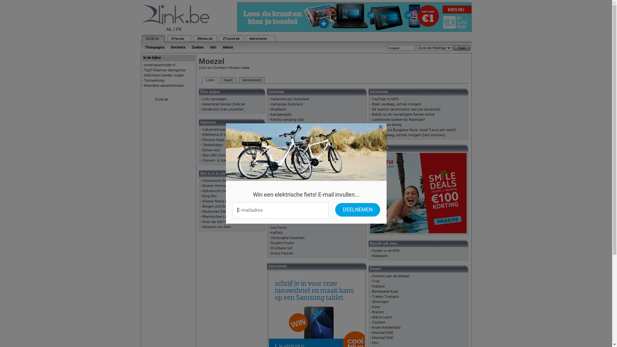 The height and width of the screenshot is (347, 617). What do you see at coordinates (154, 80) in the screenshot?
I see `'Testaankoop'` at bounding box center [154, 80].